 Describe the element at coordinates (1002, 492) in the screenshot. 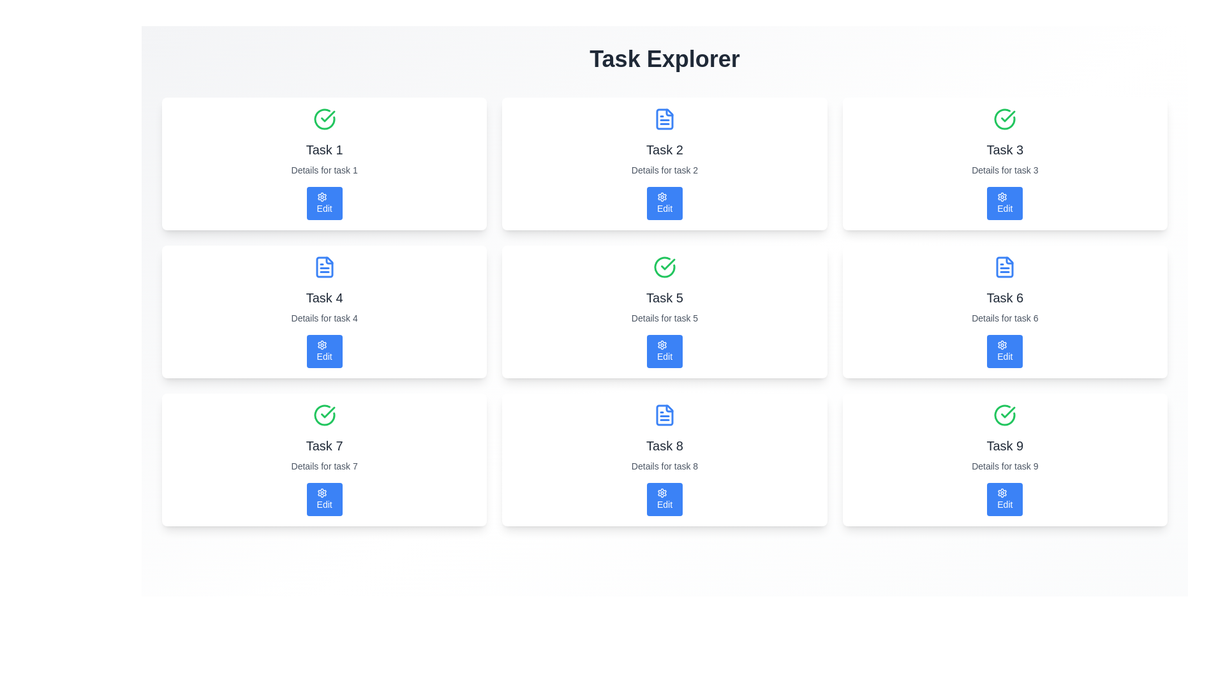

I see `the gear icon located within the blue 'Edit' button in the bottom-right quadrant of the 'Task 7' panel, which signifies the action of editing` at that location.